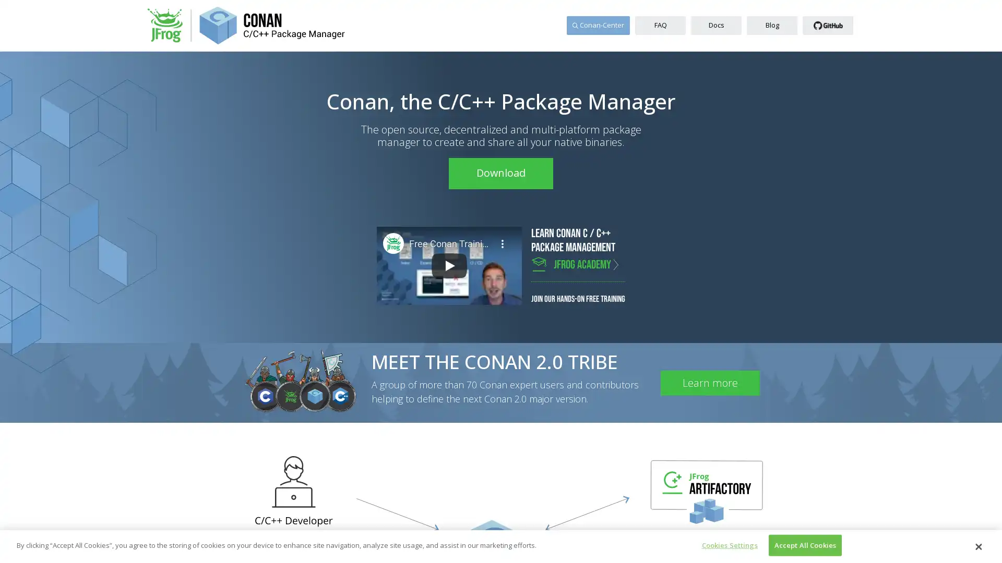 Image resolution: width=1002 pixels, height=563 pixels. What do you see at coordinates (726, 544) in the screenshot?
I see `Cookies Settings` at bounding box center [726, 544].